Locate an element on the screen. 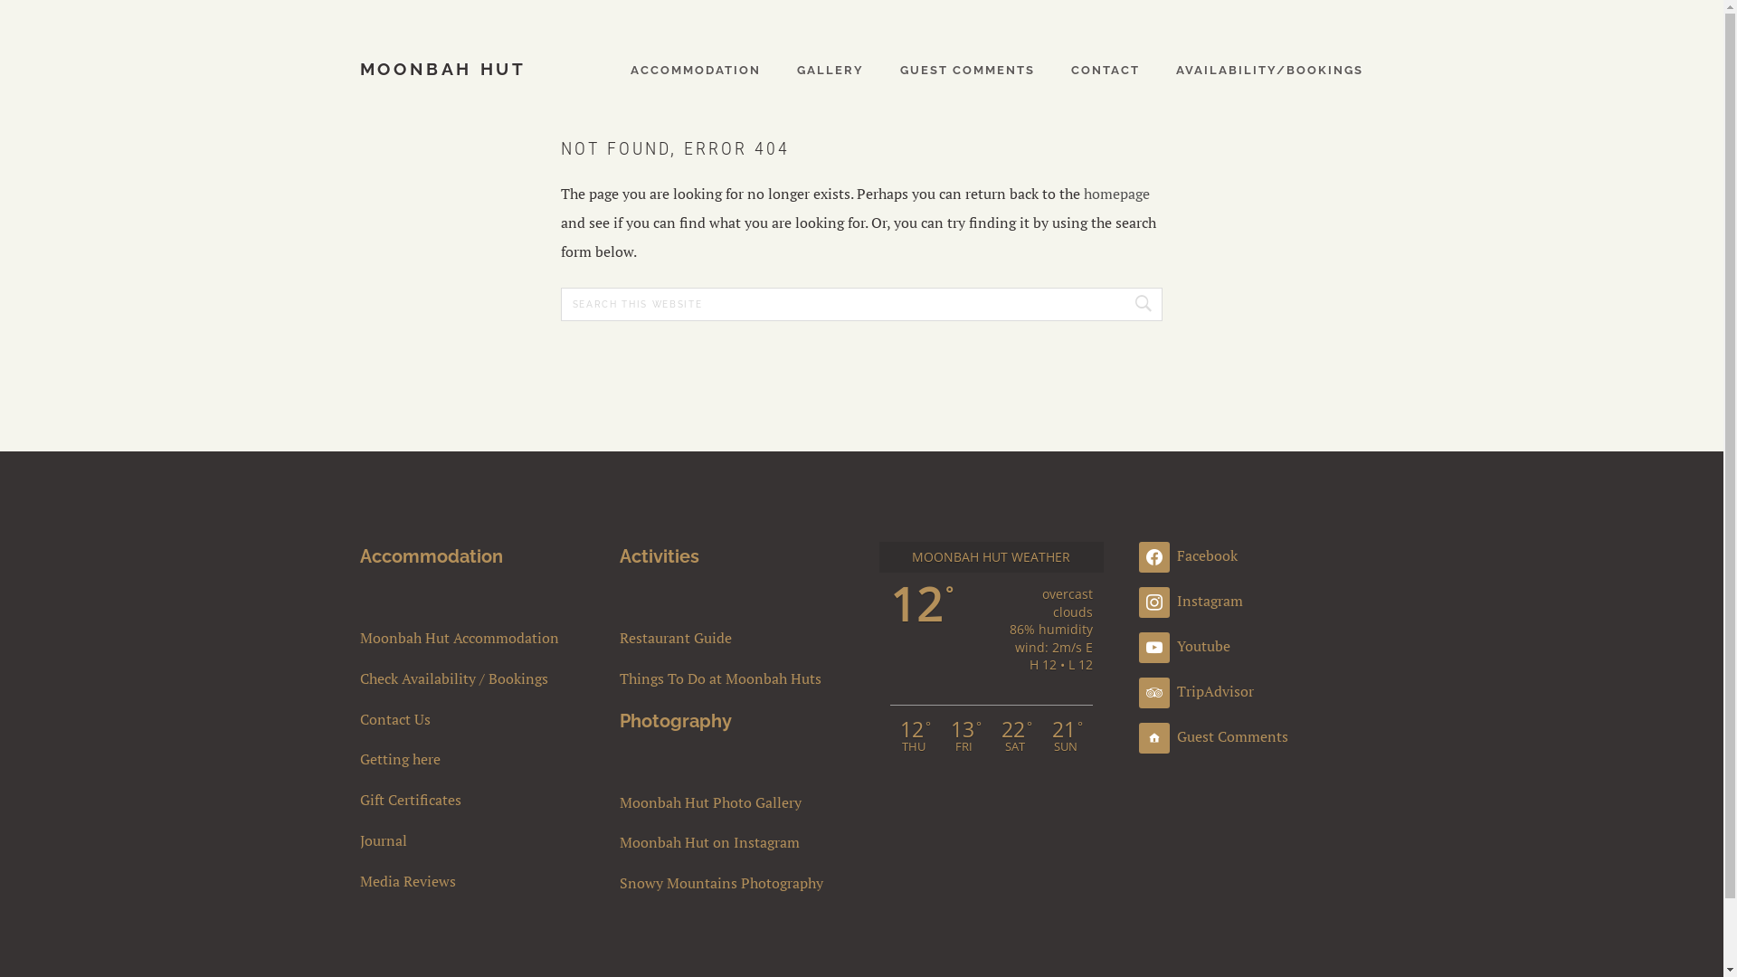 This screenshot has height=977, width=1737. 'Restaurant Guide' is located at coordinates (620, 637).